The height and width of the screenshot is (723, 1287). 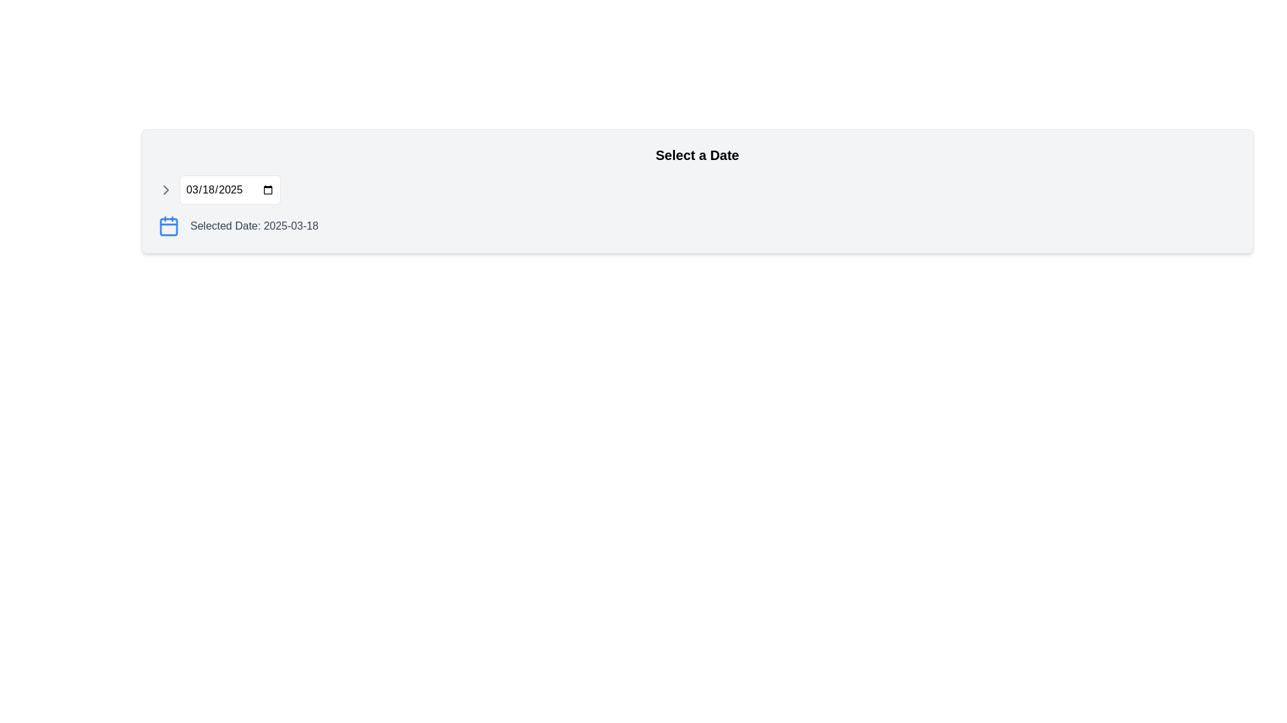 I want to click on the right-pointing chevron icon located to the left of the date input field labeled '03/18/2025', so click(x=166, y=190).